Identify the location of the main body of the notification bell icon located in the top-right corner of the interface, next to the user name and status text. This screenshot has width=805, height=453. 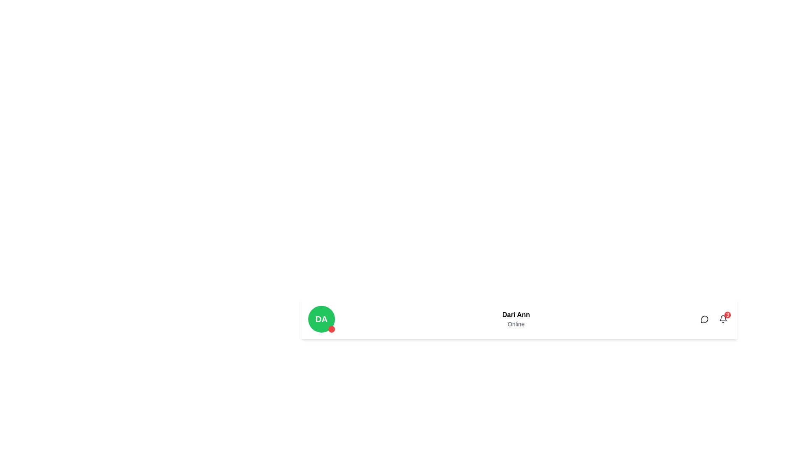
(722, 318).